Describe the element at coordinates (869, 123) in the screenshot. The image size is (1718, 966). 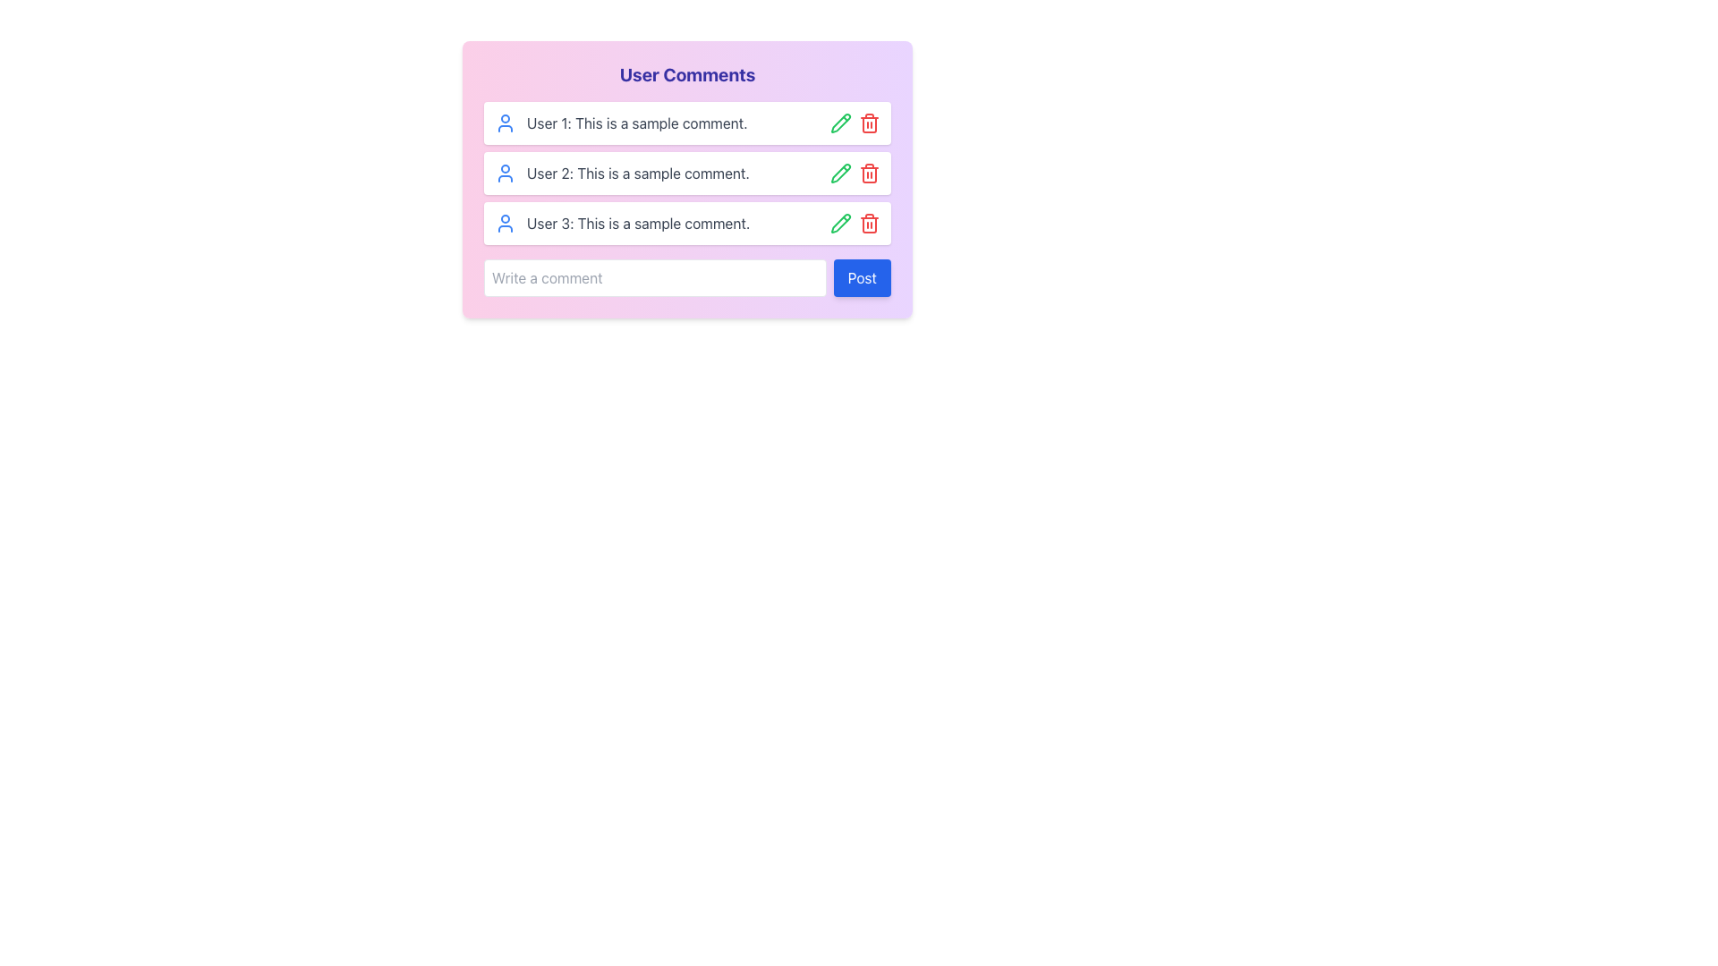
I see `the delete button located on the right side of the first row of the comments list` at that location.